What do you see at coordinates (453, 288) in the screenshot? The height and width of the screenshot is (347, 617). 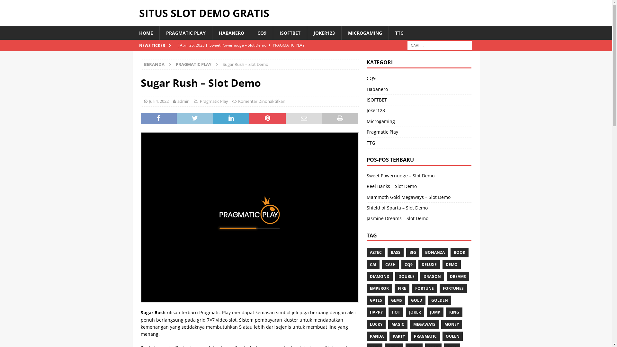 I see `'FORTUNES'` at bounding box center [453, 288].